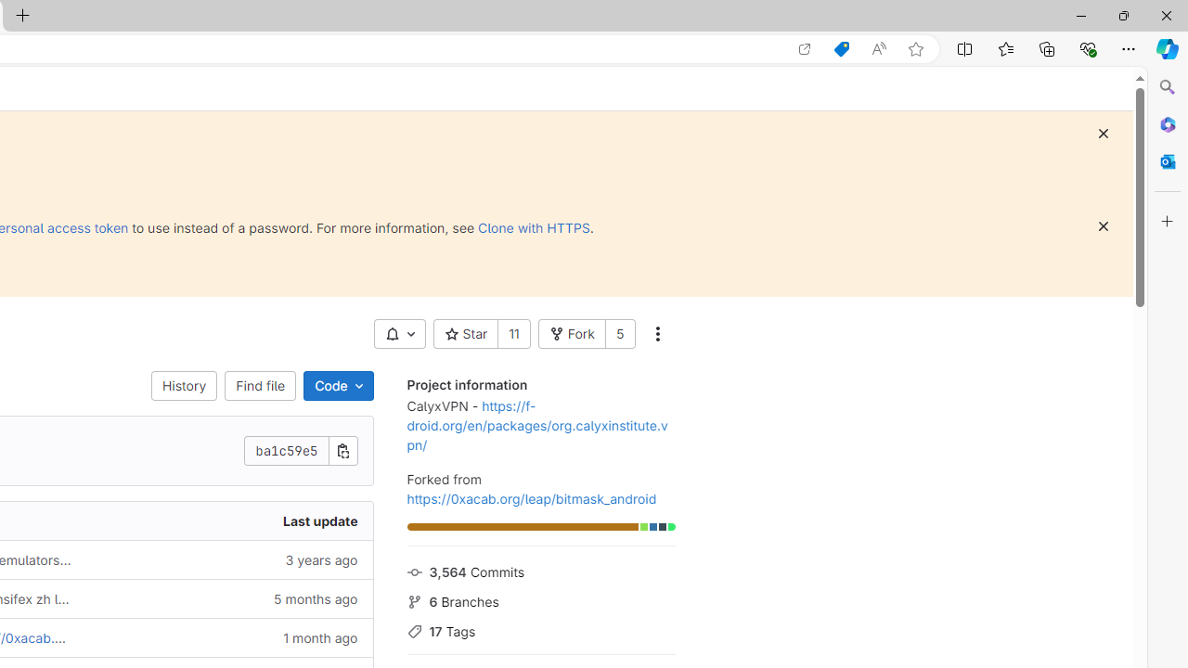 The height and width of the screenshot is (668, 1188). I want to click on 'More actions', so click(657, 334).